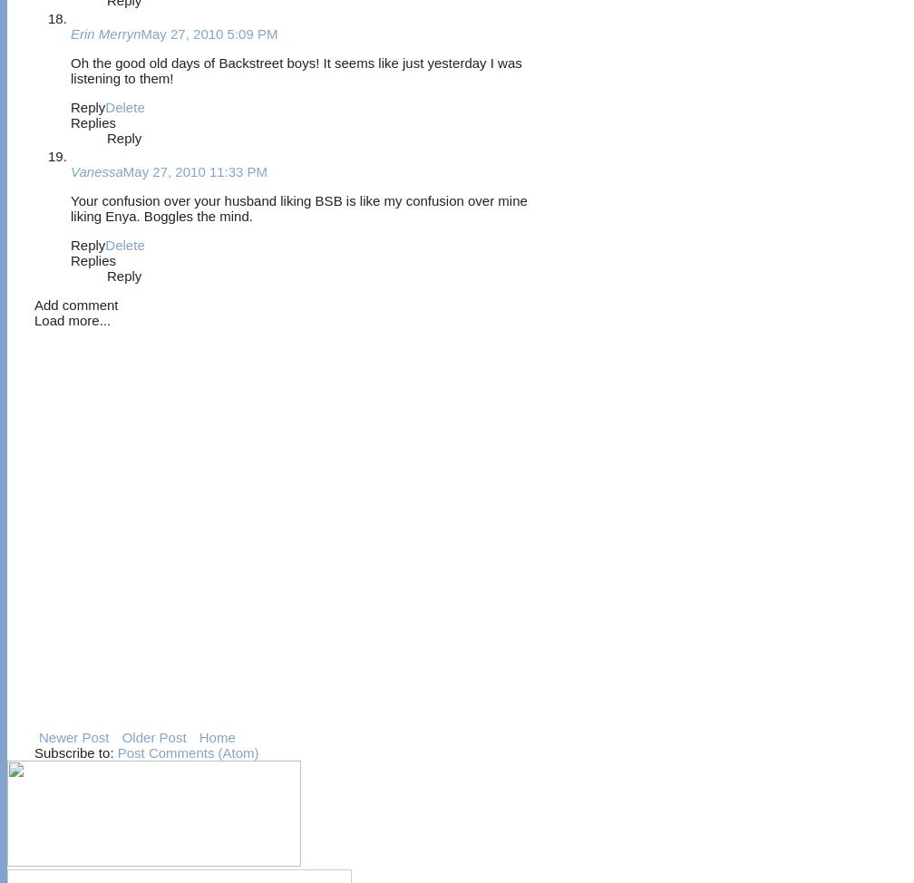 Image resolution: width=914 pixels, height=883 pixels. What do you see at coordinates (153, 736) in the screenshot?
I see `'Older Post'` at bounding box center [153, 736].